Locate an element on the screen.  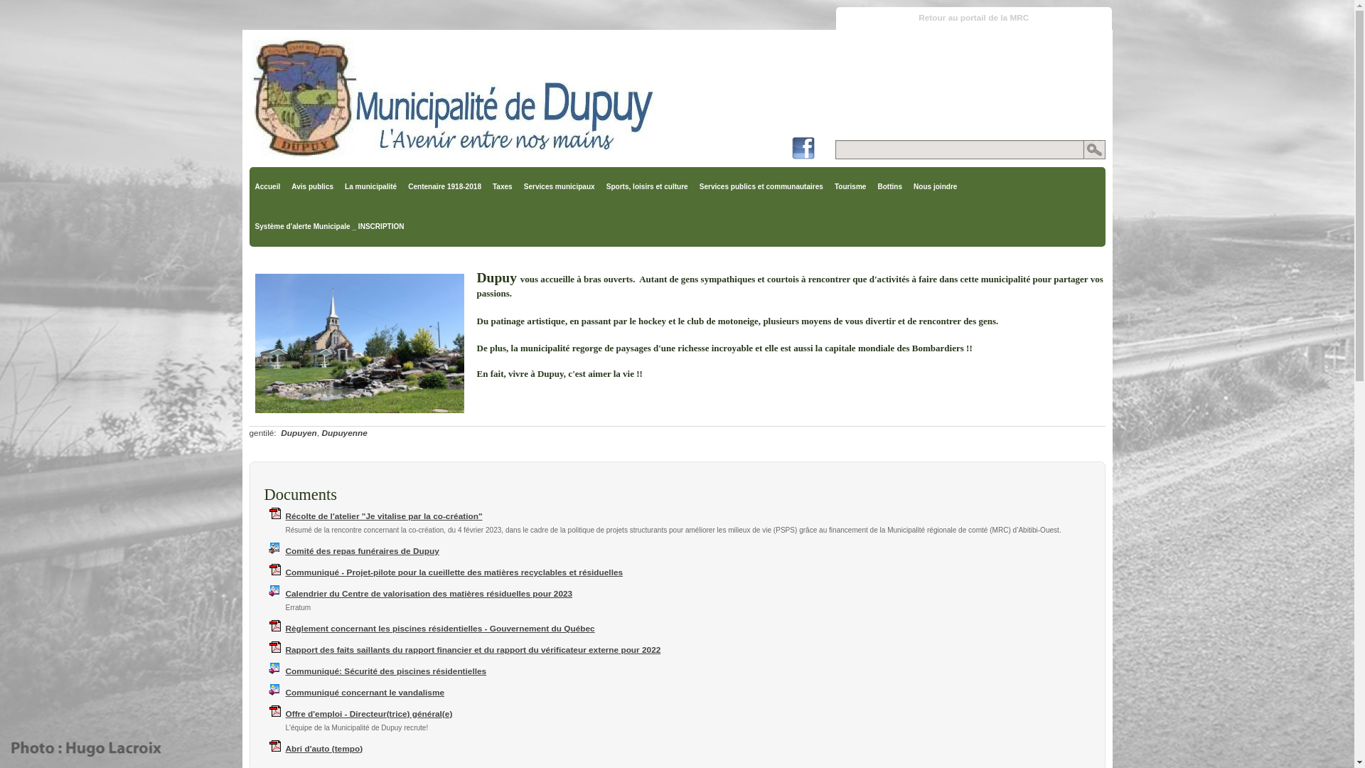
'Services municipaux' is located at coordinates (518, 186).